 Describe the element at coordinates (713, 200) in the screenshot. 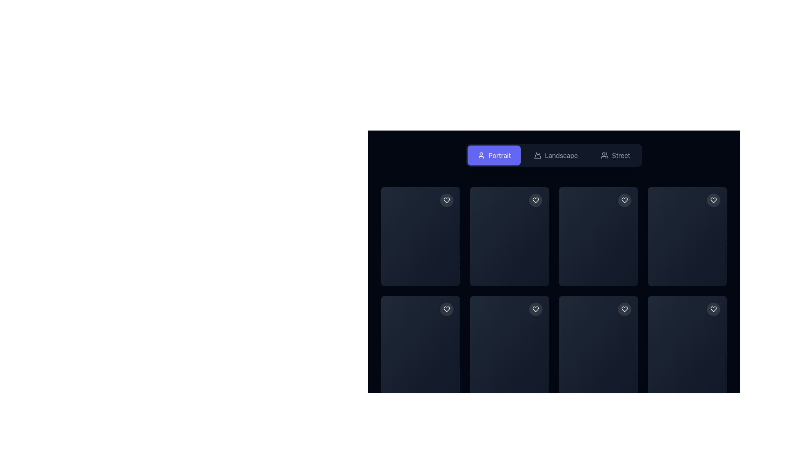

I see `the heart-shaped icon within the rounded button located in the top-right corner of the last item in the grid layout to like or favorite the item` at that location.